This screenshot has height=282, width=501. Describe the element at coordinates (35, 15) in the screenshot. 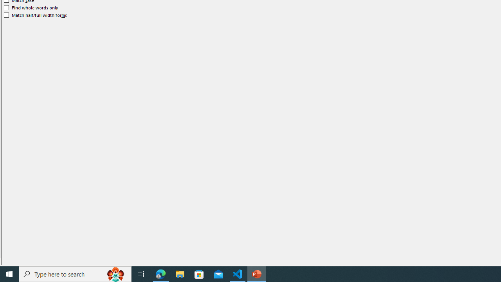

I see `'Match half/full width forms'` at that location.